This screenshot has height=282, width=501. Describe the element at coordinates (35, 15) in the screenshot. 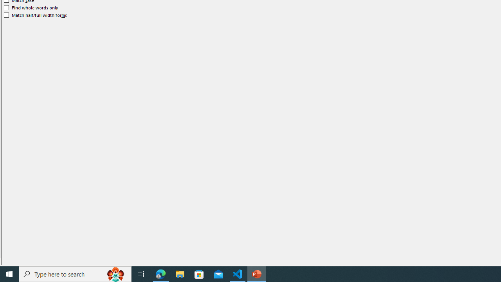

I see `'Match half/full width forms'` at that location.